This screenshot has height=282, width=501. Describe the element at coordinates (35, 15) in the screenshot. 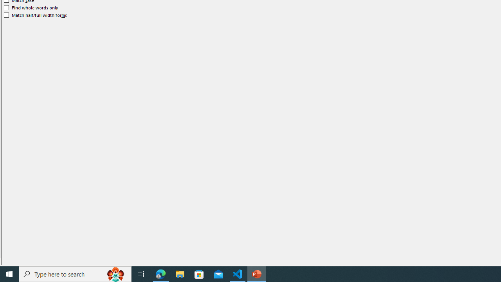

I see `'Match half/full width forms'` at that location.